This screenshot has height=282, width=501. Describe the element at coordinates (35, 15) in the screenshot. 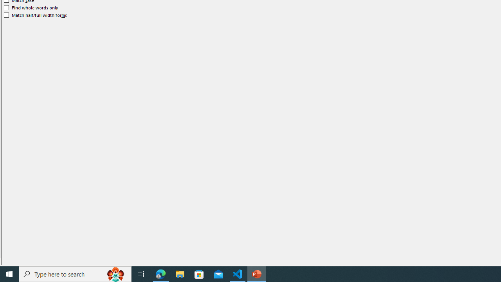

I see `'Match half/full width forms'` at that location.